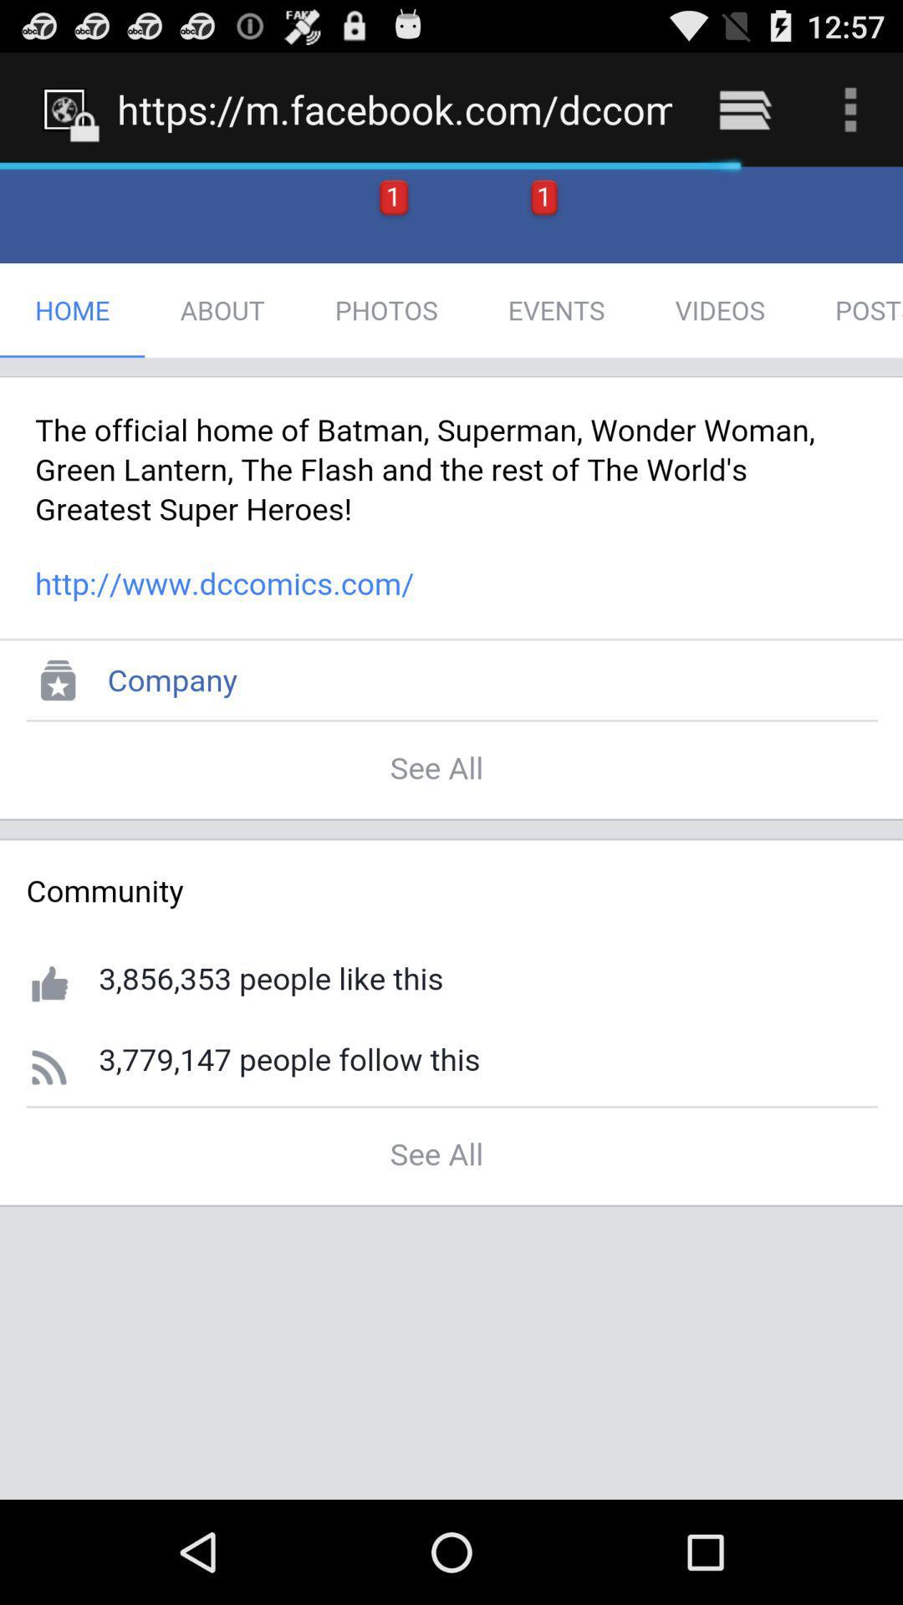 This screenshot has height=1605, width=903. Describe the element at coordinates (744, 109) in the screenshot. I see `the item next to https m facebook` at that location.